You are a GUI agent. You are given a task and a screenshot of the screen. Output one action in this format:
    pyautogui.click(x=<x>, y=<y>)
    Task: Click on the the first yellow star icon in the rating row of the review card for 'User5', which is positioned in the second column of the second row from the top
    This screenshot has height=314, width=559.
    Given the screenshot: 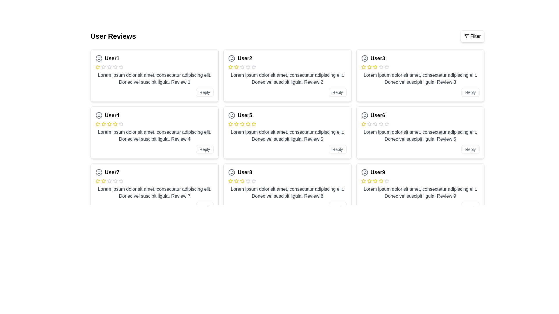 What is the action you would take?
    pyautogui.click(x=236, y=124)
    